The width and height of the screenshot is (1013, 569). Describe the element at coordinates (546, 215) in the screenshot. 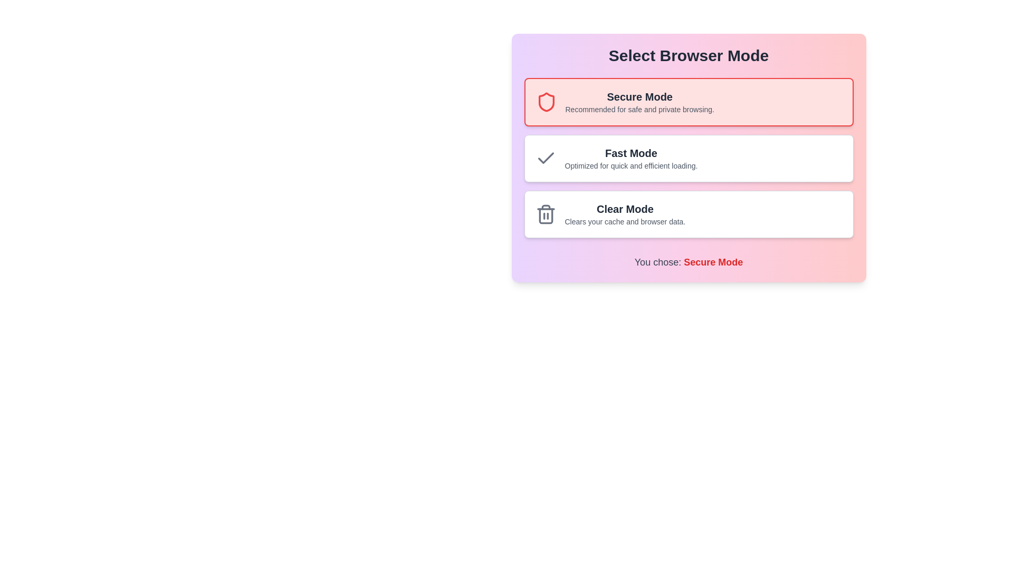

I see `the 'Clear Mode' icon located at the bottom section of the 'Select Browser Mode' card layout, which is represented visually to signal the clearing of cache and browser data` at that location.